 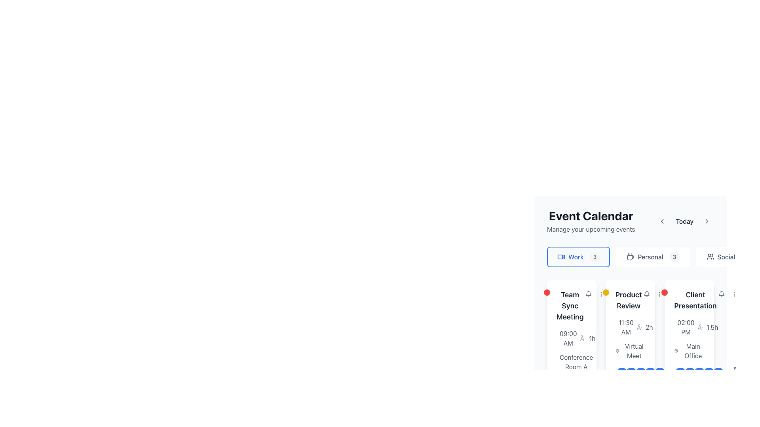 I want to click on the chevron icon located to the right of the 'Today' text in the header section of the calendar interface, so click(x=707, y=221).